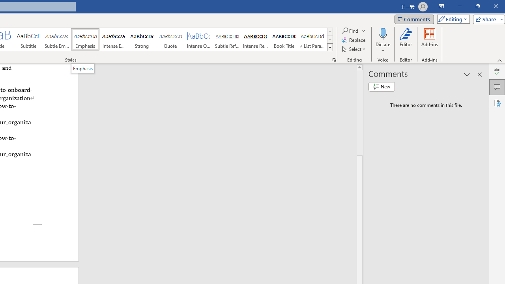 This screenshot has height=284, width=505. What do you see at coordinates (56, 39) in the screenshot?
I see `'Subtle Emphasis'` at bounding box center [56, 39].